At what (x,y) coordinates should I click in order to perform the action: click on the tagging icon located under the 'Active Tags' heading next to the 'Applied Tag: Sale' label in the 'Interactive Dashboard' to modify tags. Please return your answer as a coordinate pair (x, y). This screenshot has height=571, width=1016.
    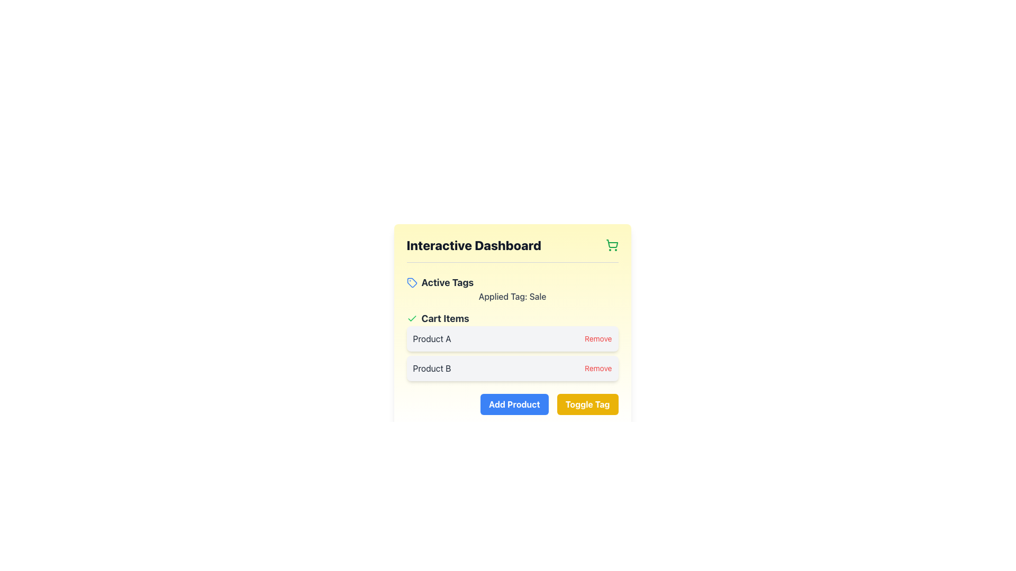
    Looking at the image, I should click on (411, 281).